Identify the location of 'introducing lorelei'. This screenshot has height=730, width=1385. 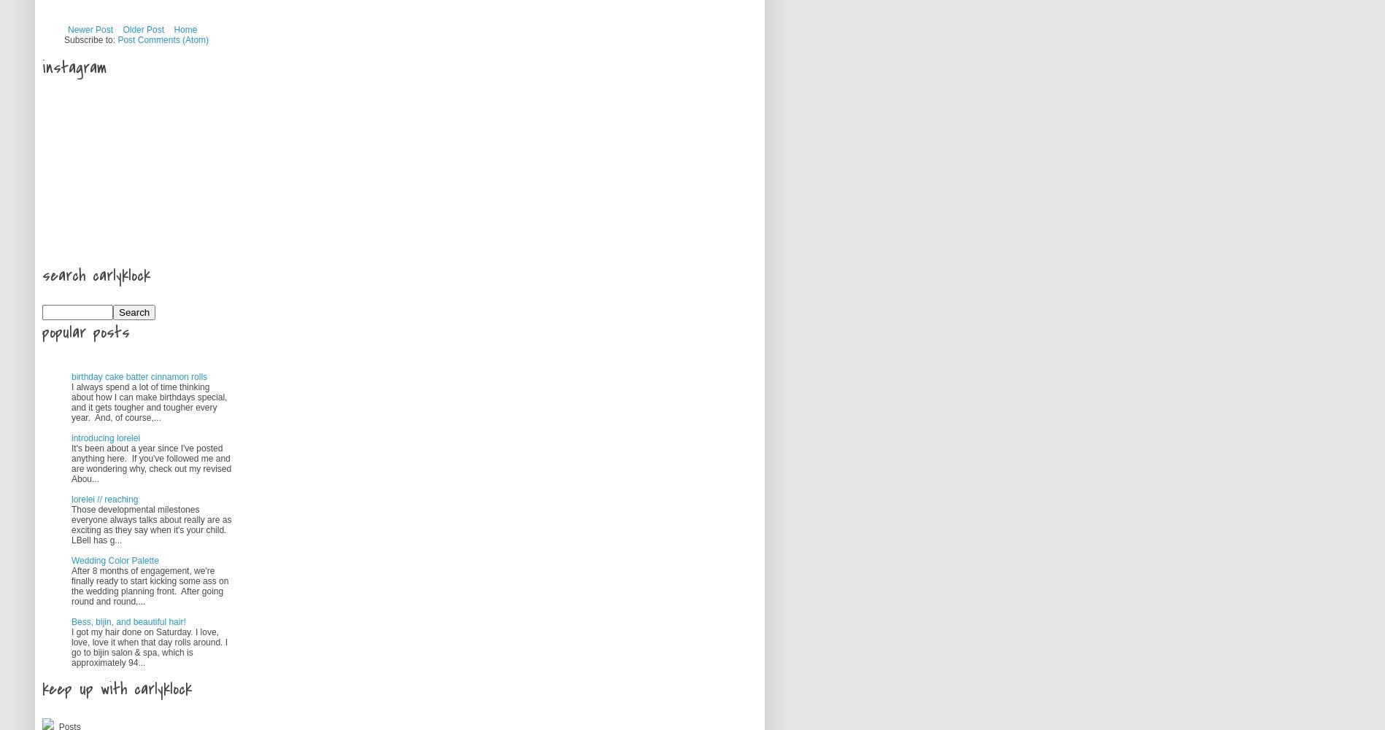
(106, 438).